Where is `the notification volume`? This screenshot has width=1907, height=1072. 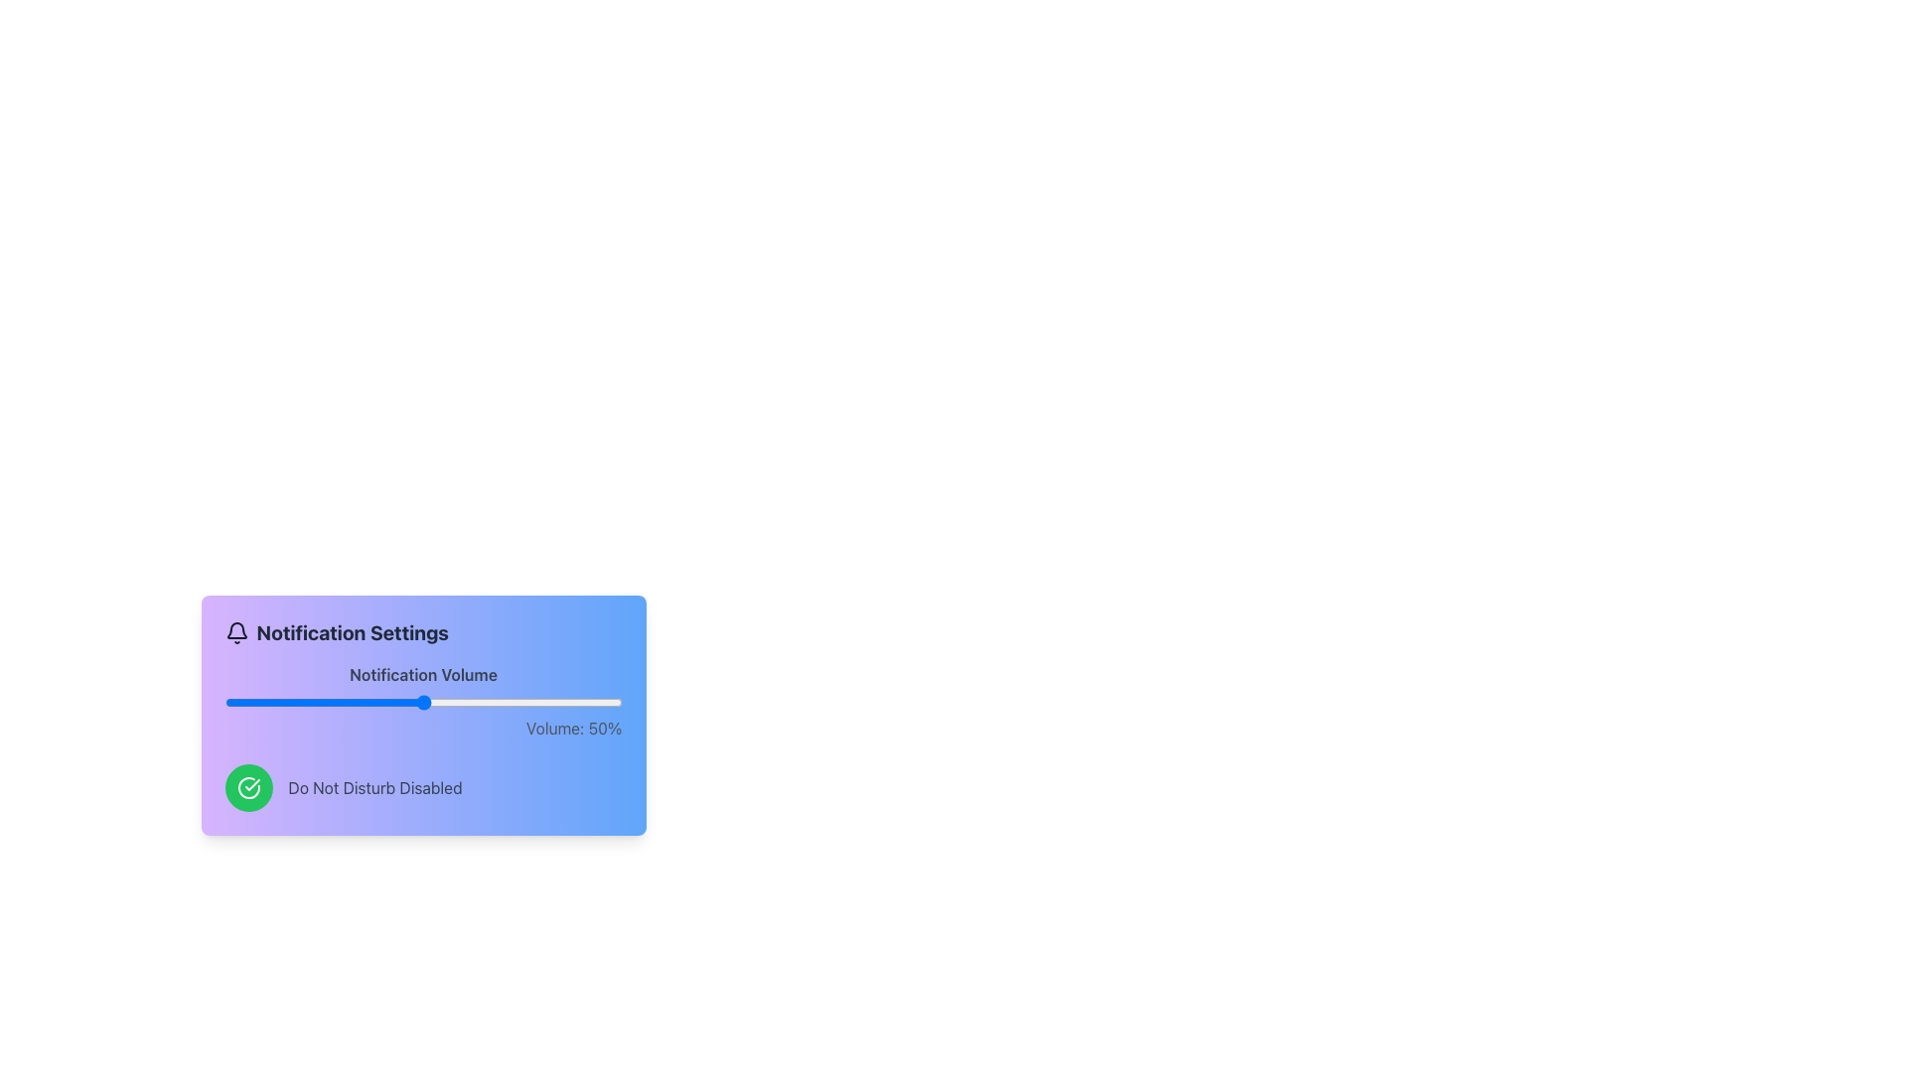
the notification volume is located at coordinates (581, 702).